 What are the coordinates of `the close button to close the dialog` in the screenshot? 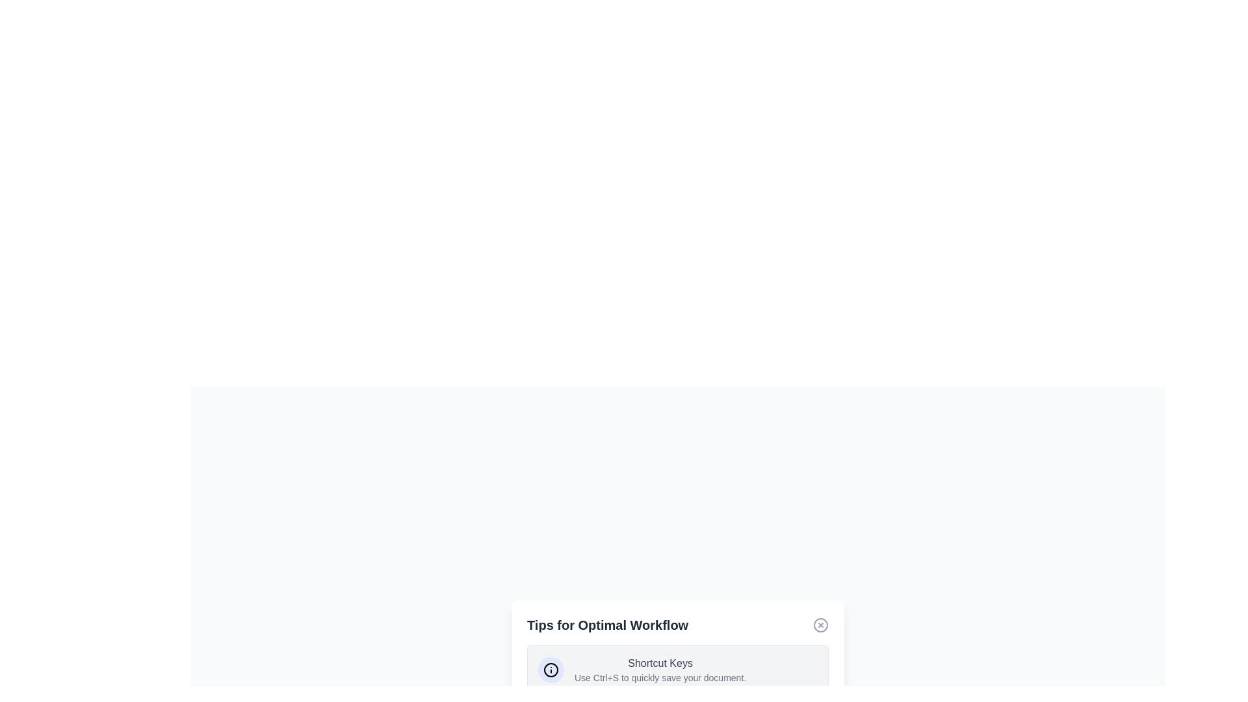 It's located at (820, 624).